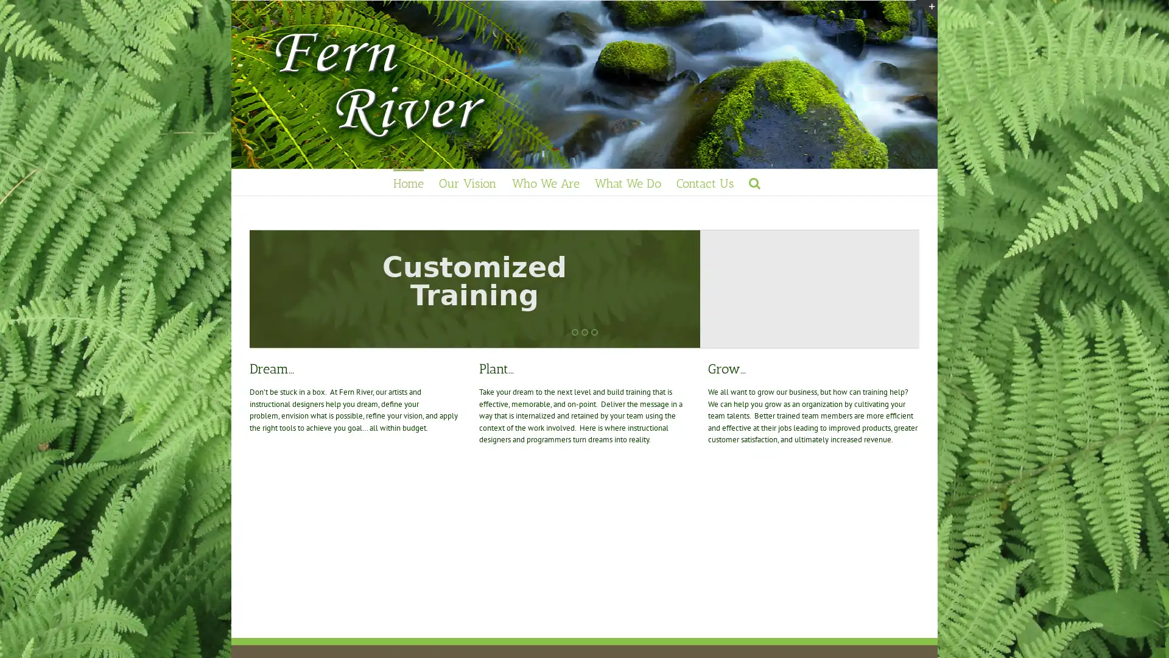 Image resolution: width=1169 pixels, height=658 pixels. I want to click on Search, so click(754, 182).